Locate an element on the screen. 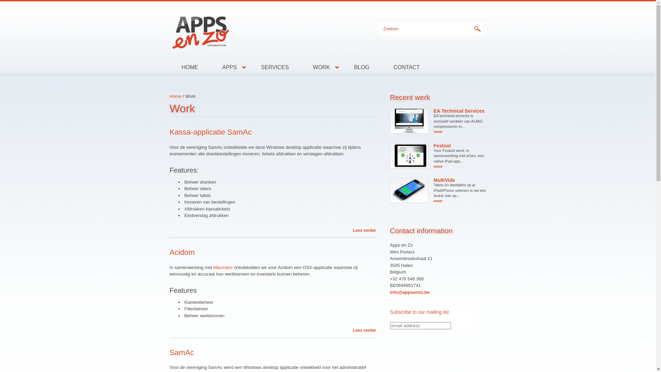  'WORK' is located at coordinates (321, 68).